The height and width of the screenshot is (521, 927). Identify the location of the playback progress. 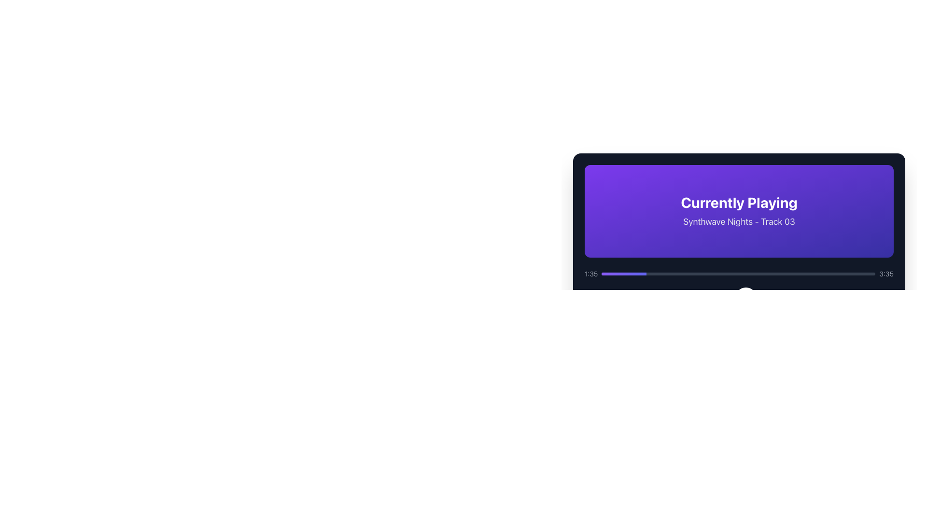
(866, 274).